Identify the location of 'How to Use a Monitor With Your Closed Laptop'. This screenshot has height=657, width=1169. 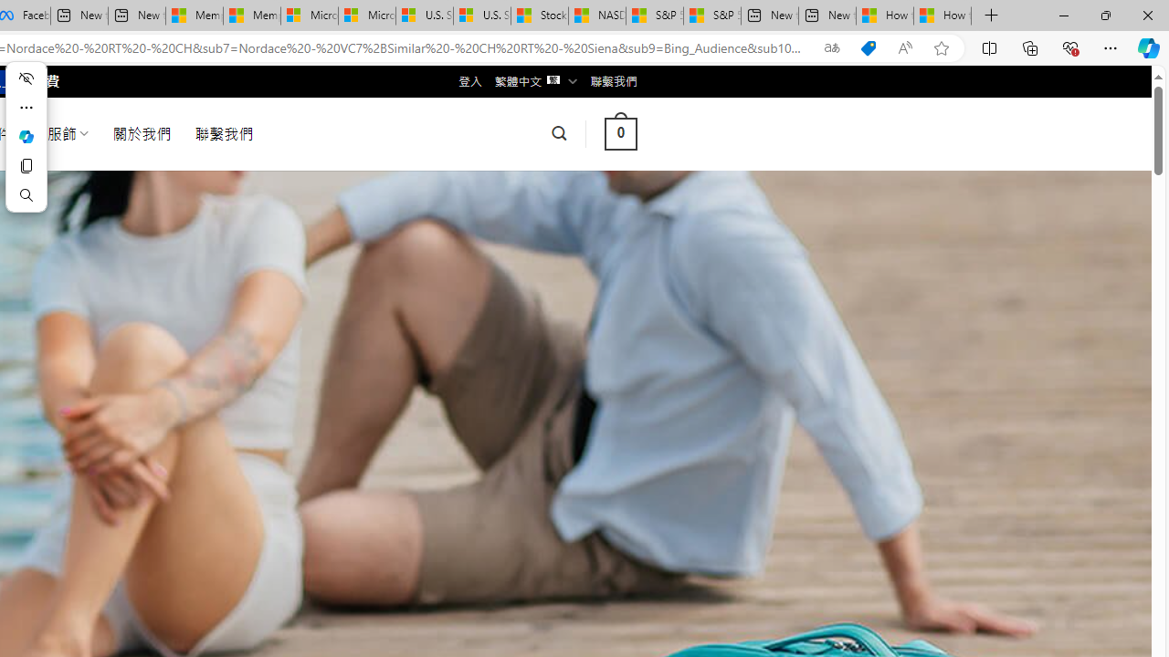
(943, 16).